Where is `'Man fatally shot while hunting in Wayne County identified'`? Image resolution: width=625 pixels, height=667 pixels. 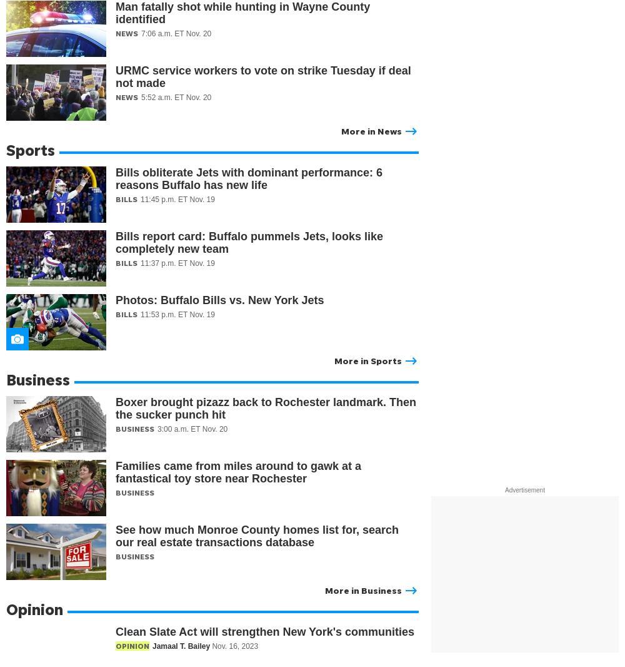 'Man fatally shot while hunting in Wayne County identified' is located at coordinates (242, 13).